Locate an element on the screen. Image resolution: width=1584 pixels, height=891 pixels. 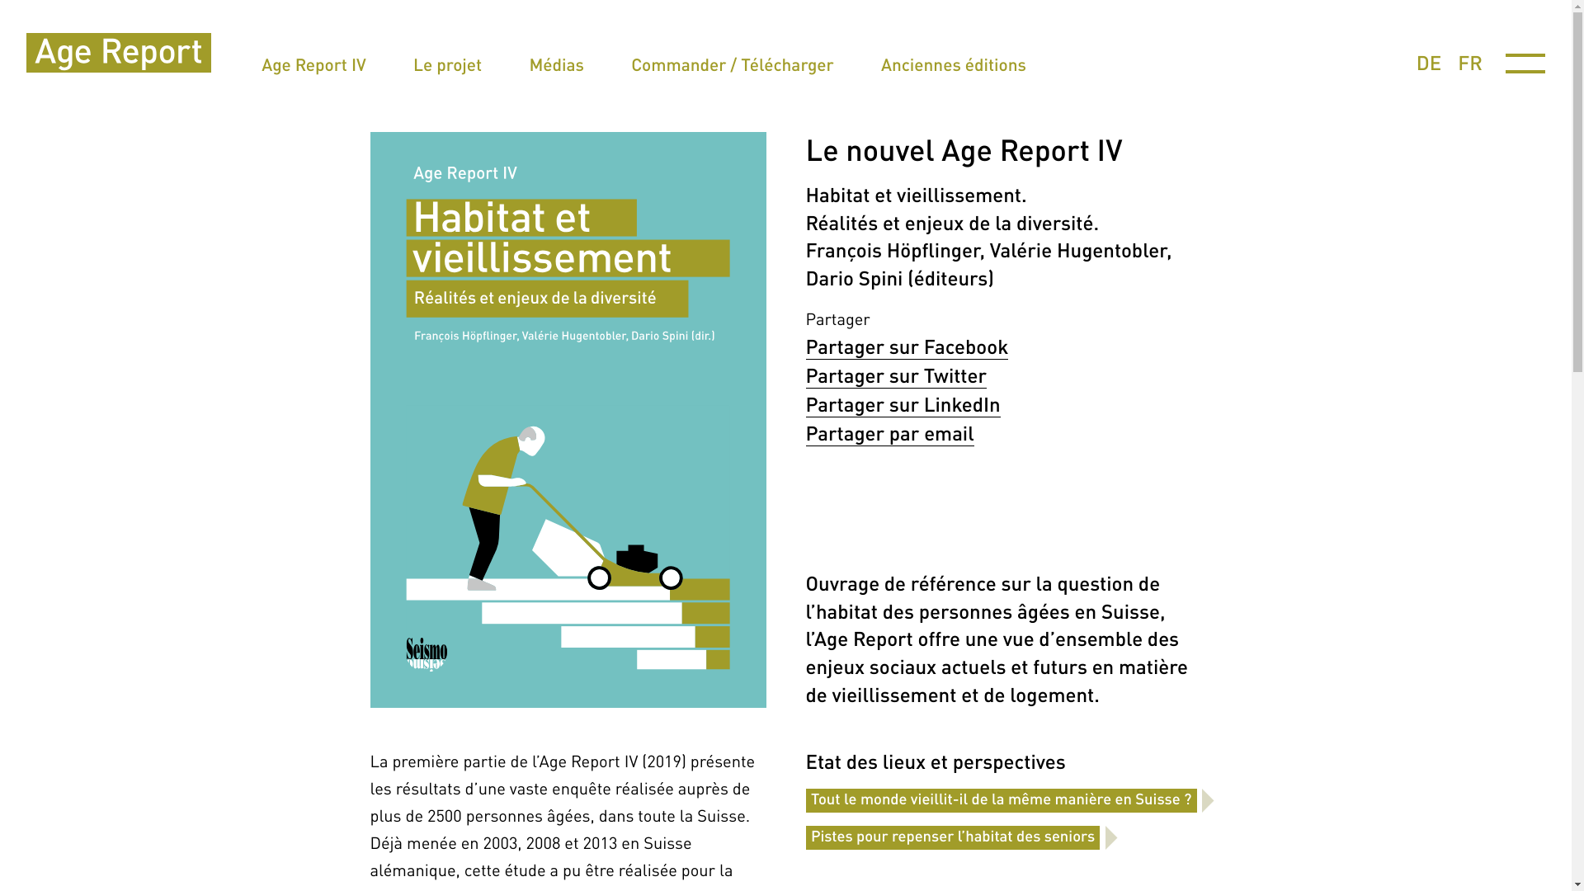
'Partager sur Twitter' is located at coordinates (894, 375).